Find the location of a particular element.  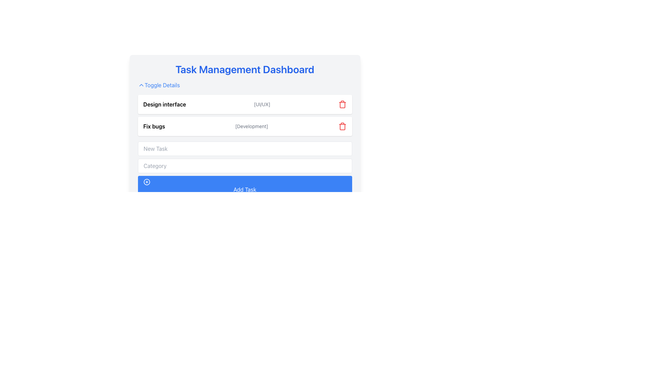

the button that toggles the visibility of additional details in the Task Management Dashboard to change its text color is located at coordinates (158, 85).